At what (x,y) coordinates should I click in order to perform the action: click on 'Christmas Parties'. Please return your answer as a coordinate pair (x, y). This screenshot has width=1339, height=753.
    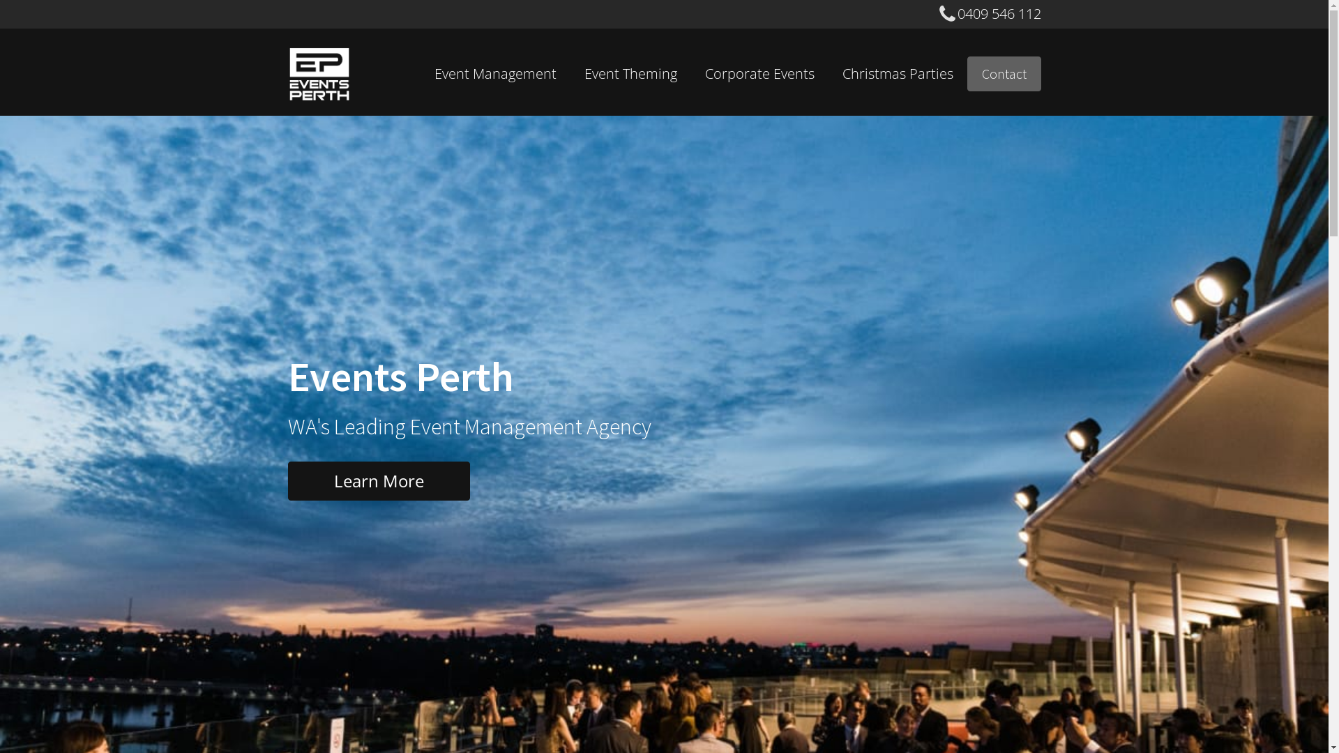
    Looking at the image, I should click on (829, 73).